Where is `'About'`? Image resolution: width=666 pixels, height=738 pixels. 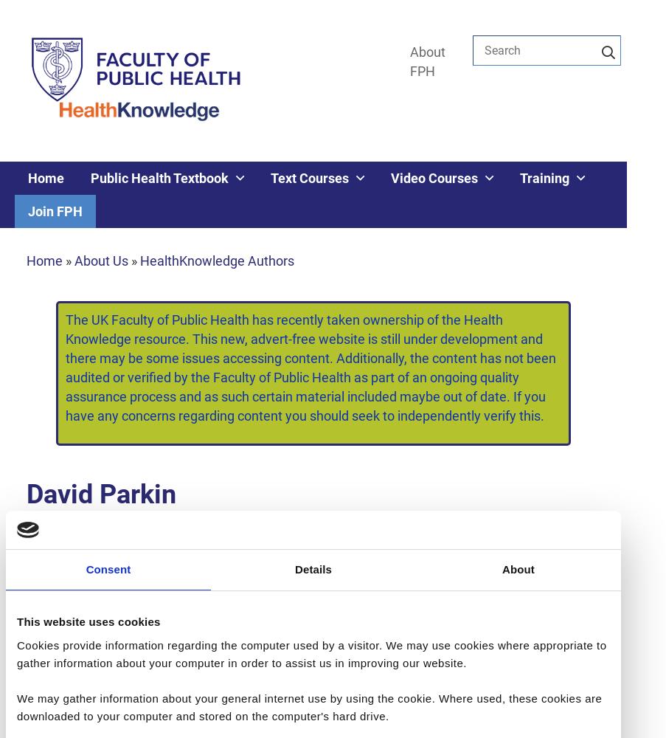
'About' is located at coordinates (502, 569).